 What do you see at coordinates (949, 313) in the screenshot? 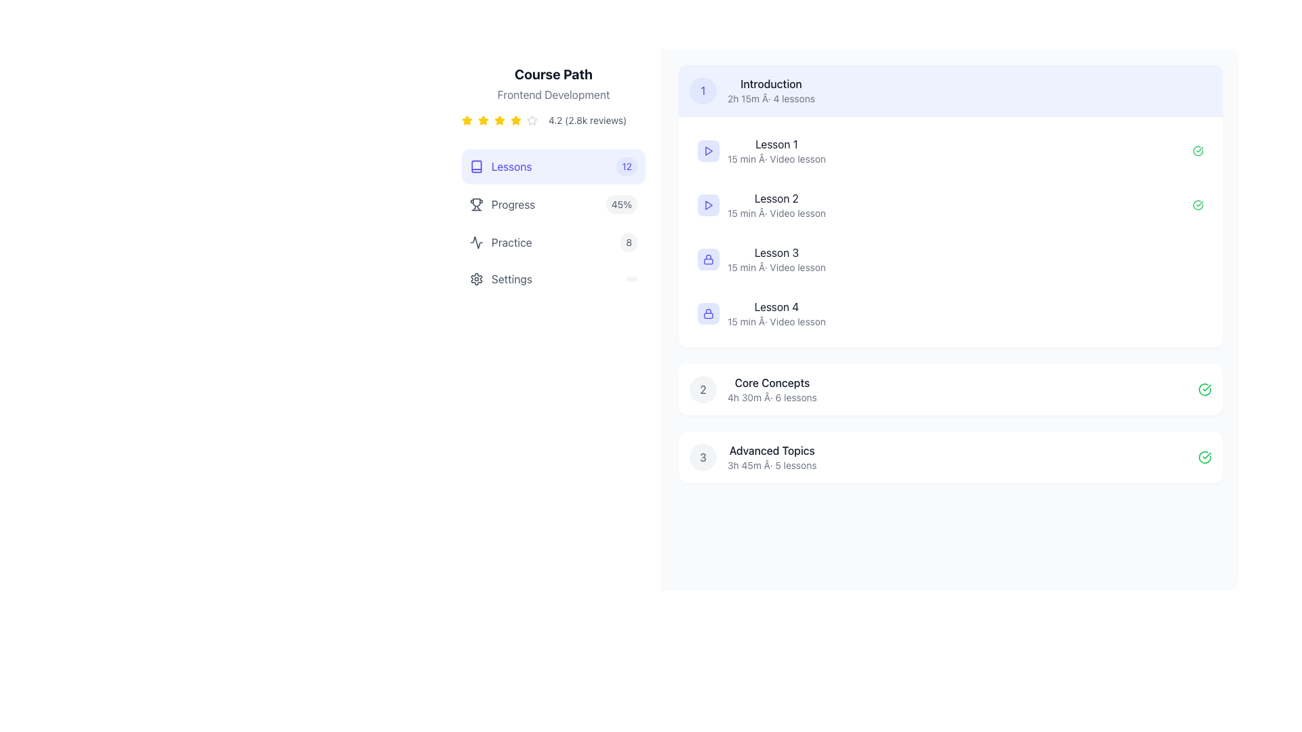
I see `the fourth list item representing 'Lesson 4'` at bounding box center [949, 313].